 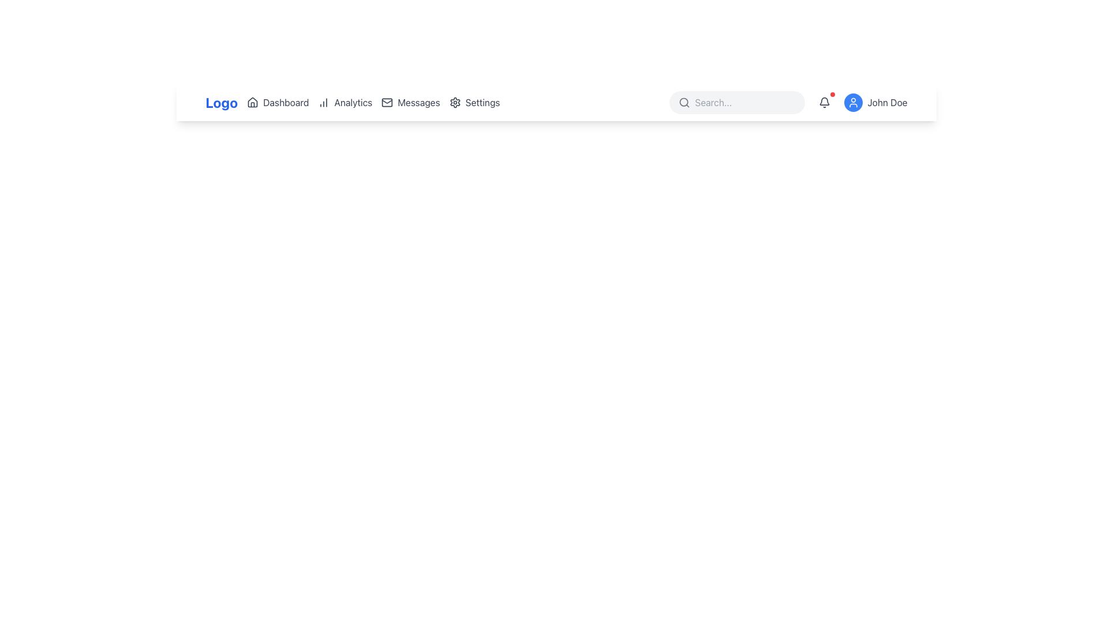 I want to click on the main rectangular area of the envelope icon representing the 'Messages' section in the user interface, so click(x=387, y=102).